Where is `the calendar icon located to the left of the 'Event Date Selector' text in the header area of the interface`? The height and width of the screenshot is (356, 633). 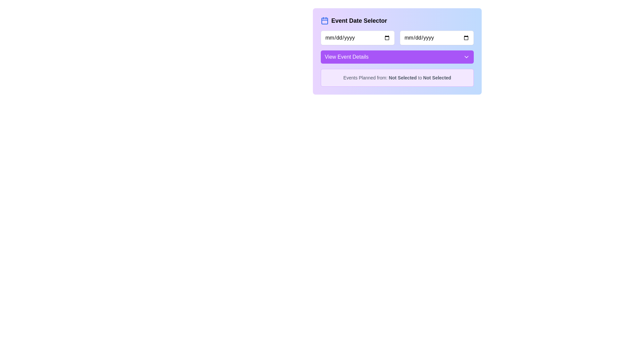 the calendar icon located to the left of the 'Event Date Selector' text in the header area of the interface is located at coordinates (324, 20).